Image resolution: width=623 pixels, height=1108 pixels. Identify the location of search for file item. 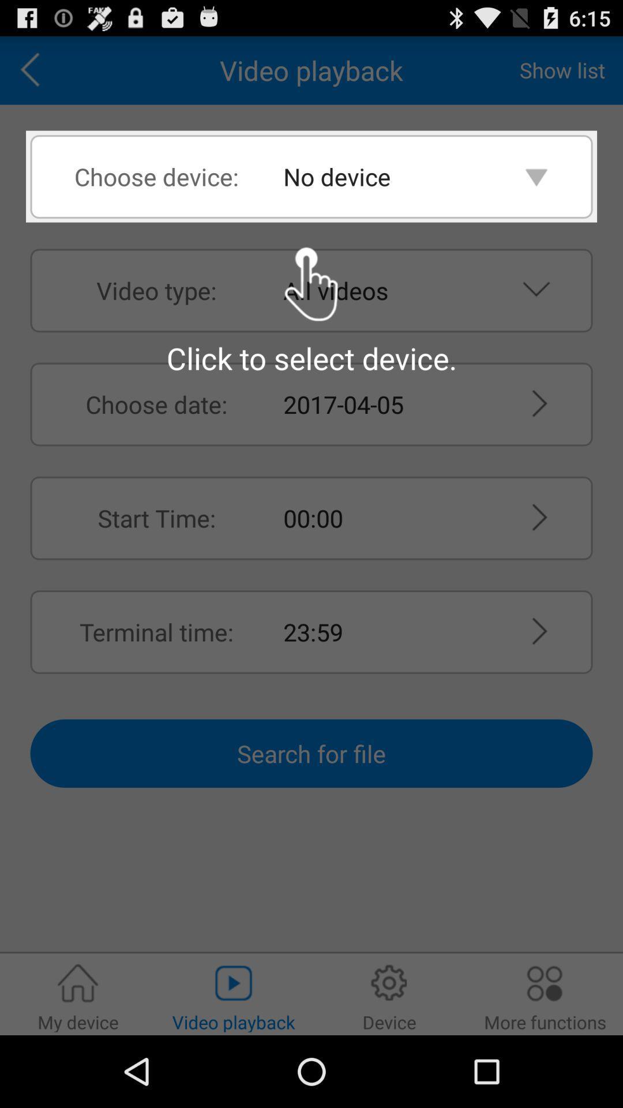
(311, 753).